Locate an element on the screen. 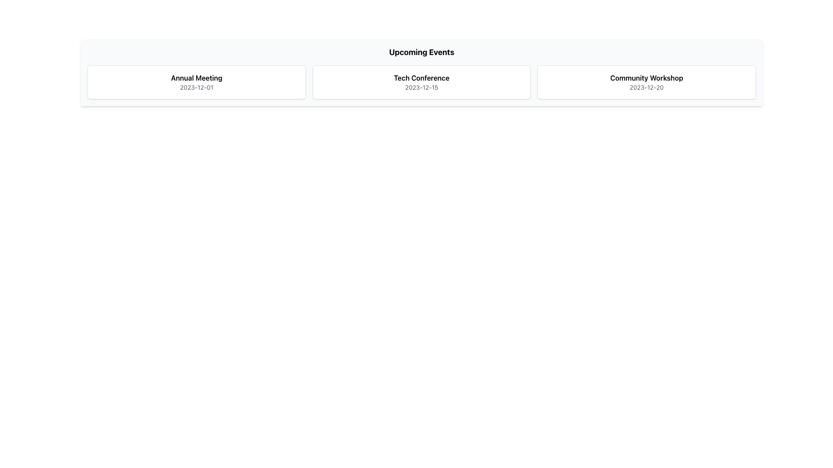  date displayed in the Text label showing '2023-12-20', which is styled in small gray font and positioned under 'Community Workshop' is located at coordinates (646, 87).